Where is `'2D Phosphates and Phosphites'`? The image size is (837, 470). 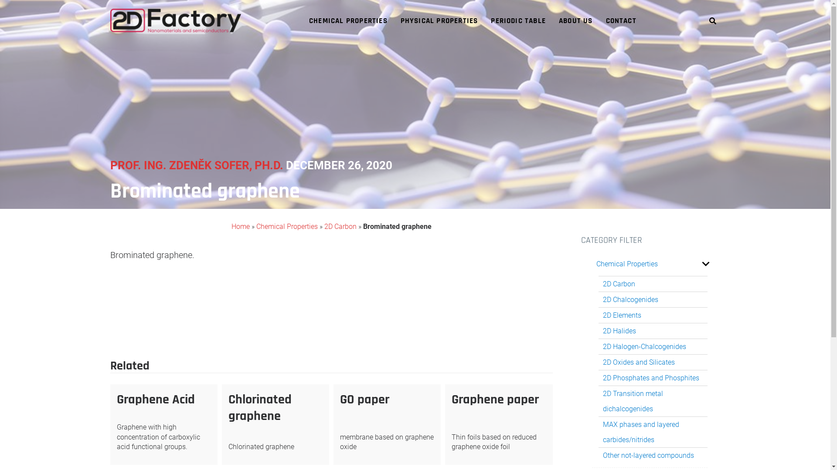
'2D Phosphates and Phosphites' is located at coordinates (650, 377).